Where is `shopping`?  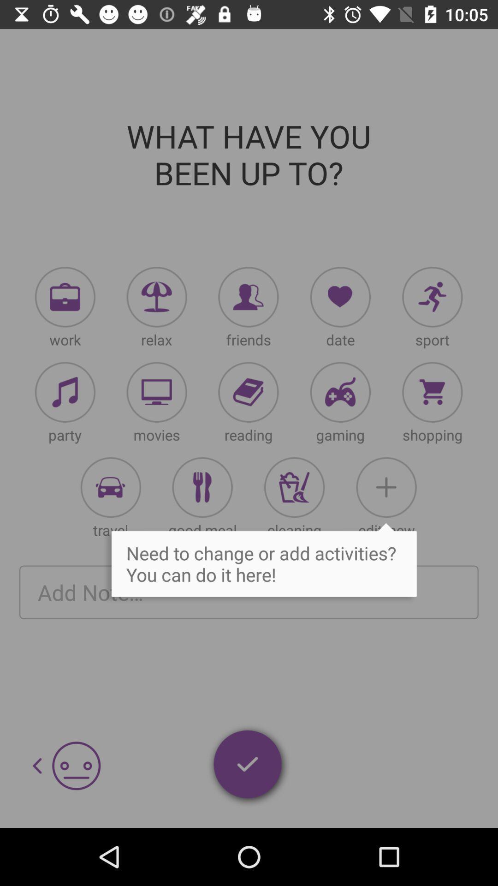
shopping is located at coordinates (432, 392).